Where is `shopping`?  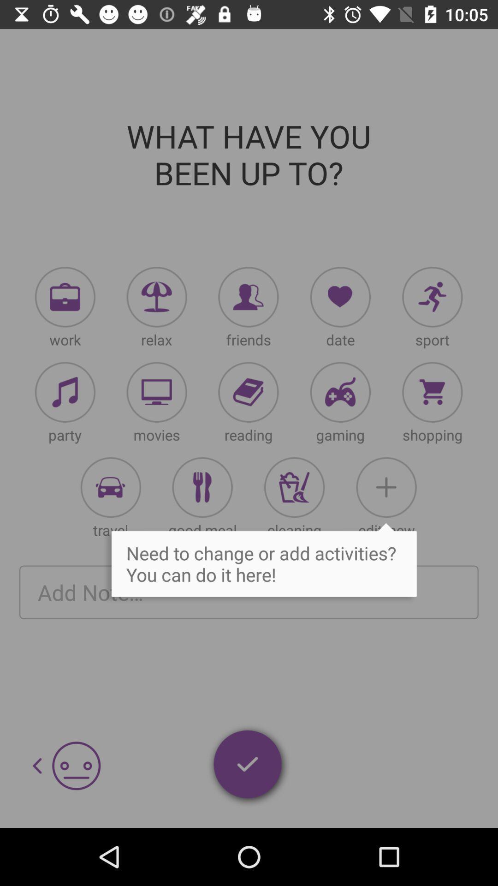
shopping is located at coordinates (432, 392).